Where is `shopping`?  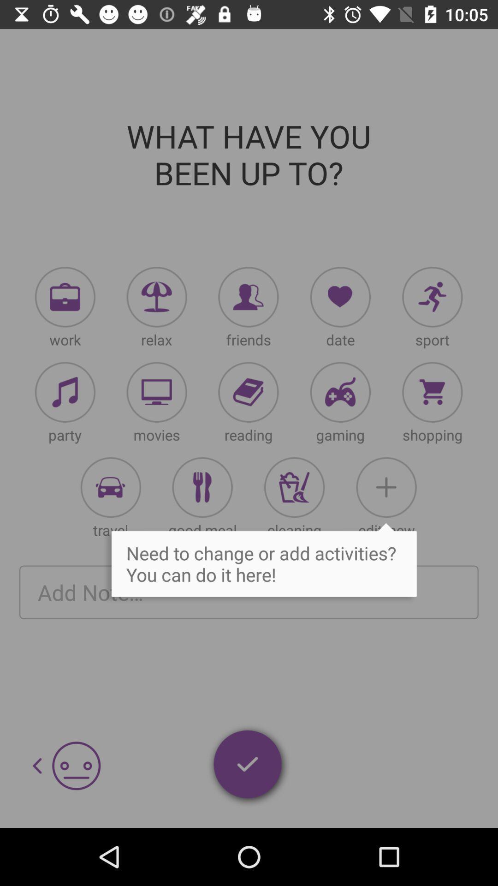
shopping is located at coordinates (432, 392).